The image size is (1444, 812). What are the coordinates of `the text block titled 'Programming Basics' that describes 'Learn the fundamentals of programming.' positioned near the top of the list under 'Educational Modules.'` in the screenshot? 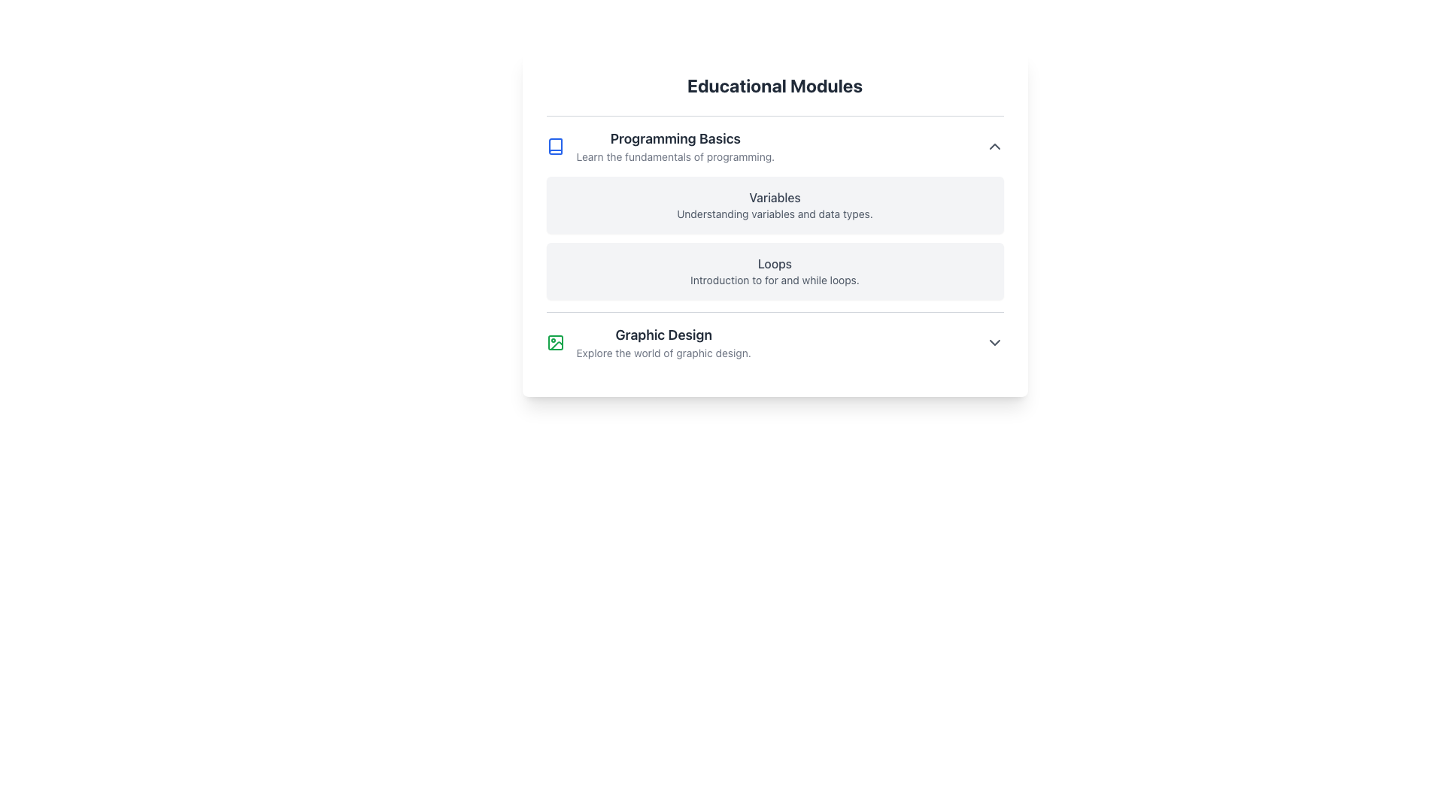 It's located at (675, 147).